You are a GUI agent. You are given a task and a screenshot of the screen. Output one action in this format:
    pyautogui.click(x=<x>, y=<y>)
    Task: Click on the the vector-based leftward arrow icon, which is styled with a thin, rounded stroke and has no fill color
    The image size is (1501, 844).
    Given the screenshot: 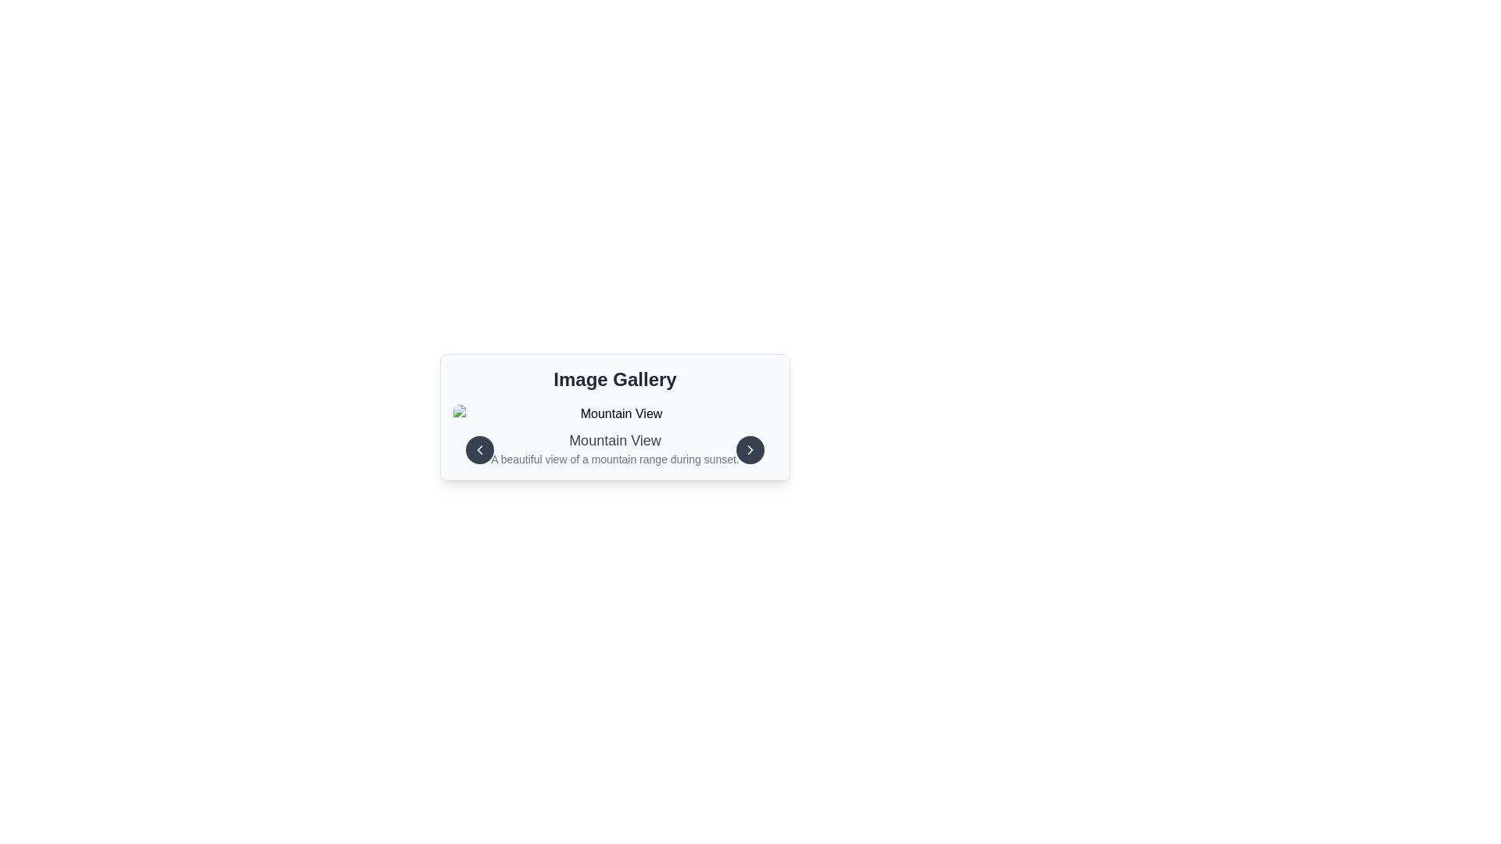 What is the action you would take?
    pyautogui.click(x=479, y=449)
    